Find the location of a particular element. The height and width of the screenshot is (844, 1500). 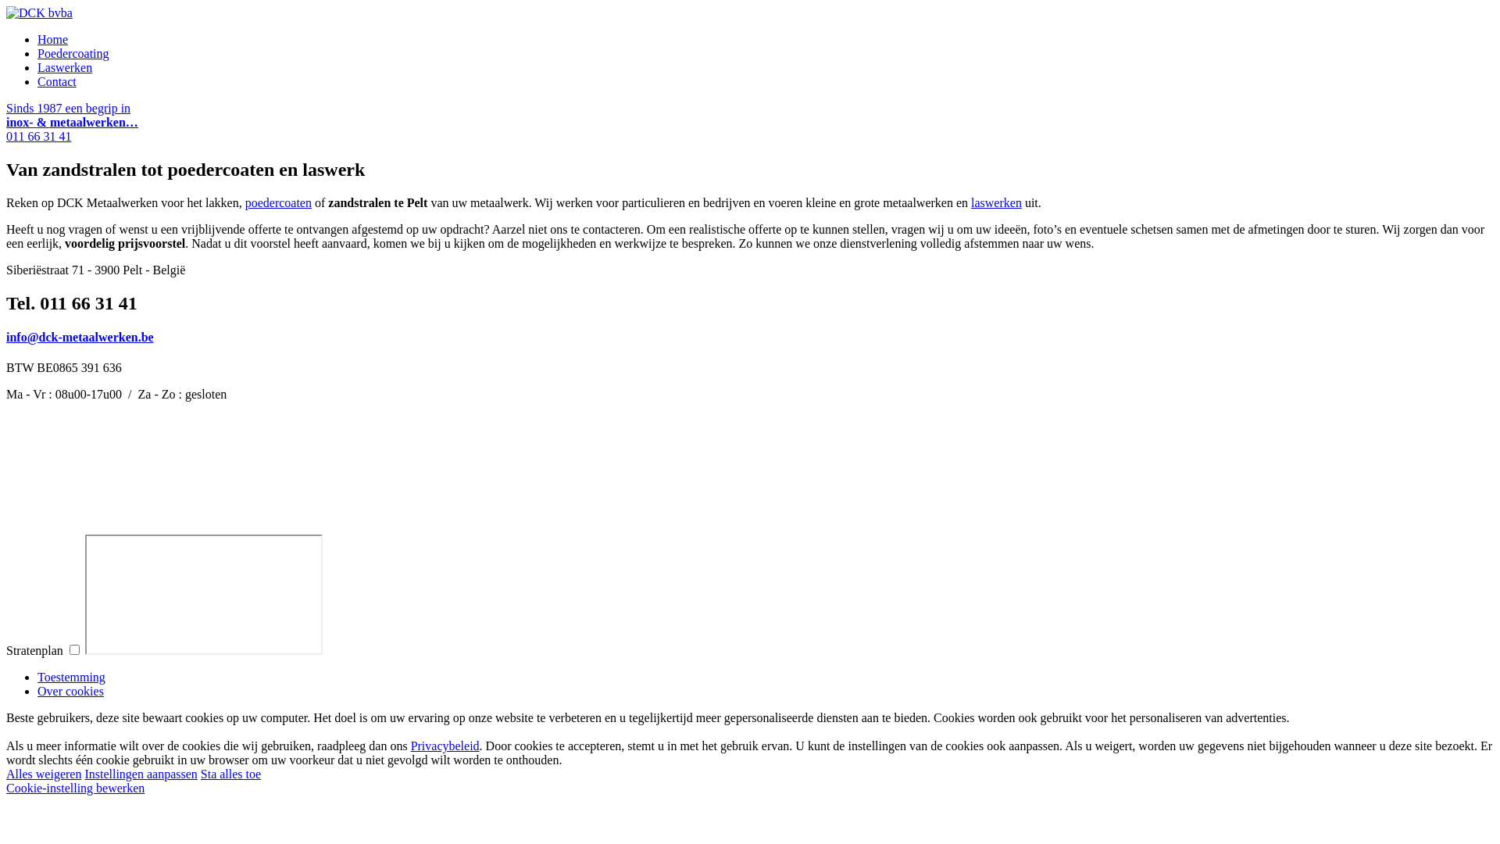

'laswerken' is located at coordinates (995, 202).